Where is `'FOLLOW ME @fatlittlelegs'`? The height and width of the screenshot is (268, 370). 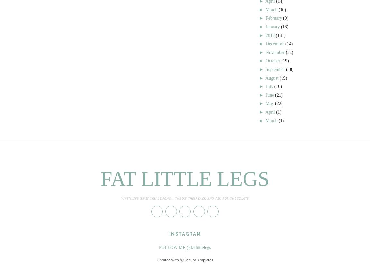 'FOLLOW ME @fatlittlelegs' is located at coordinates (185, 247).